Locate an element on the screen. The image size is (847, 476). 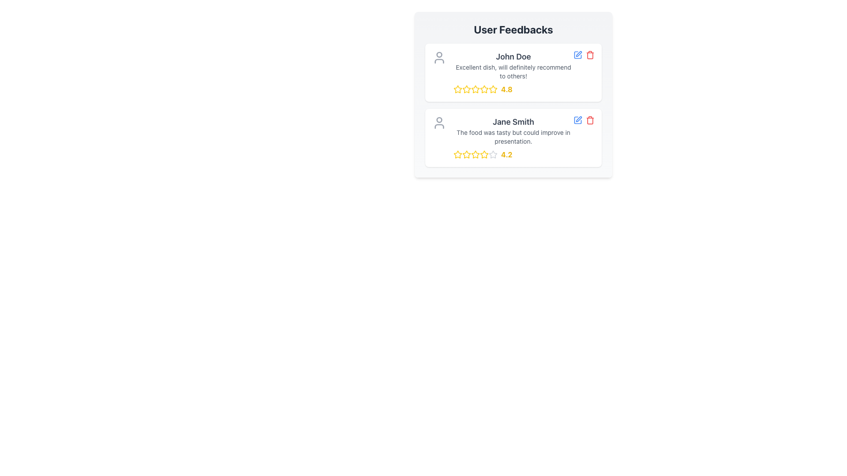
the second star icon in the five-star rating system under the review 'The food was tasty but could improve in presentation' is located at coordinates (465, 154).